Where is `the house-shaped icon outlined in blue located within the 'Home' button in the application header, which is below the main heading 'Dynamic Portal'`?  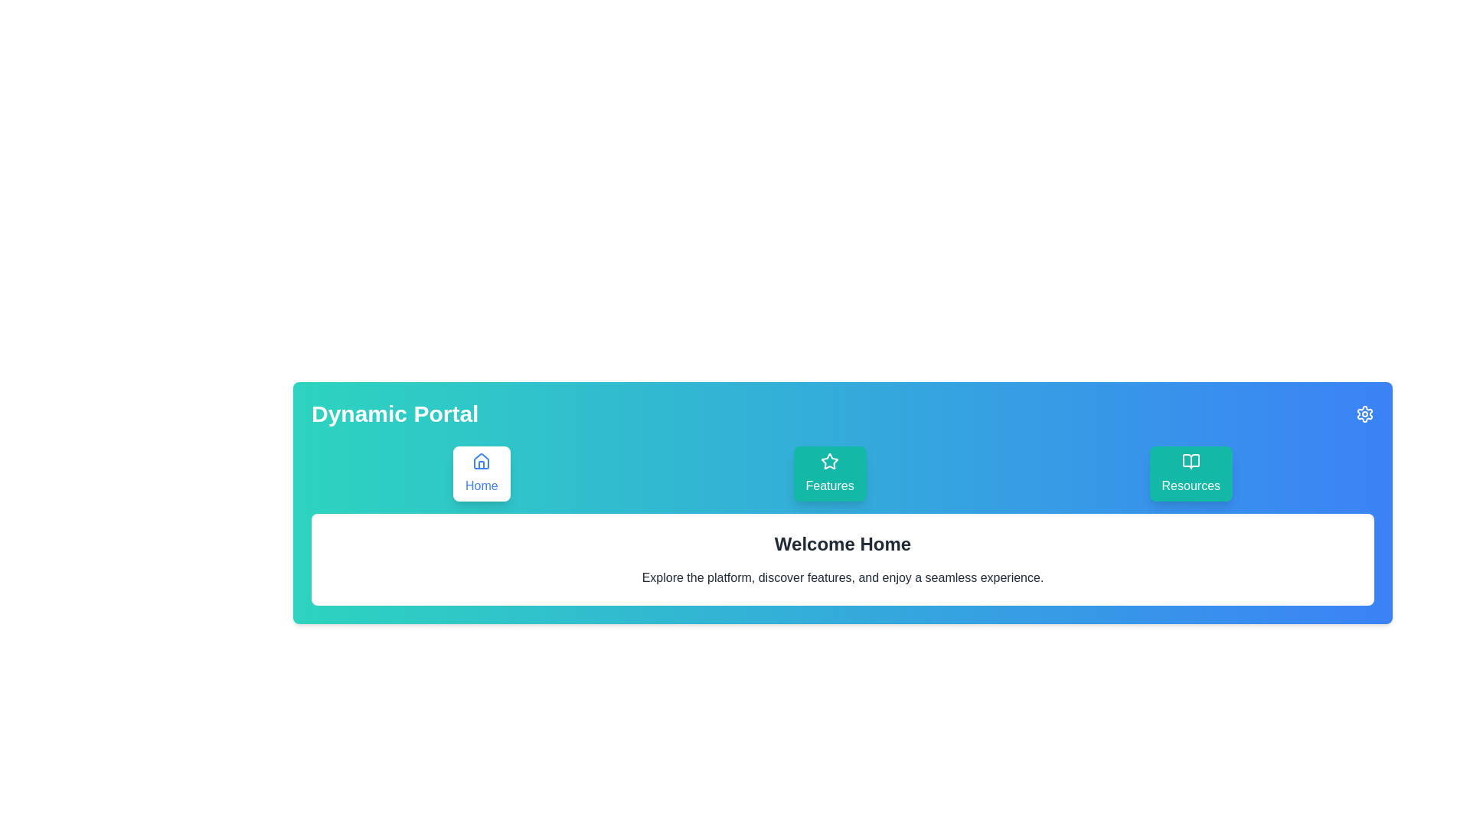 the house-shaped icon outlined in blue located within the 'Home' button in the application header, which is below the main heading 'Dynamic Portal' is located at coordinates (481, 460).